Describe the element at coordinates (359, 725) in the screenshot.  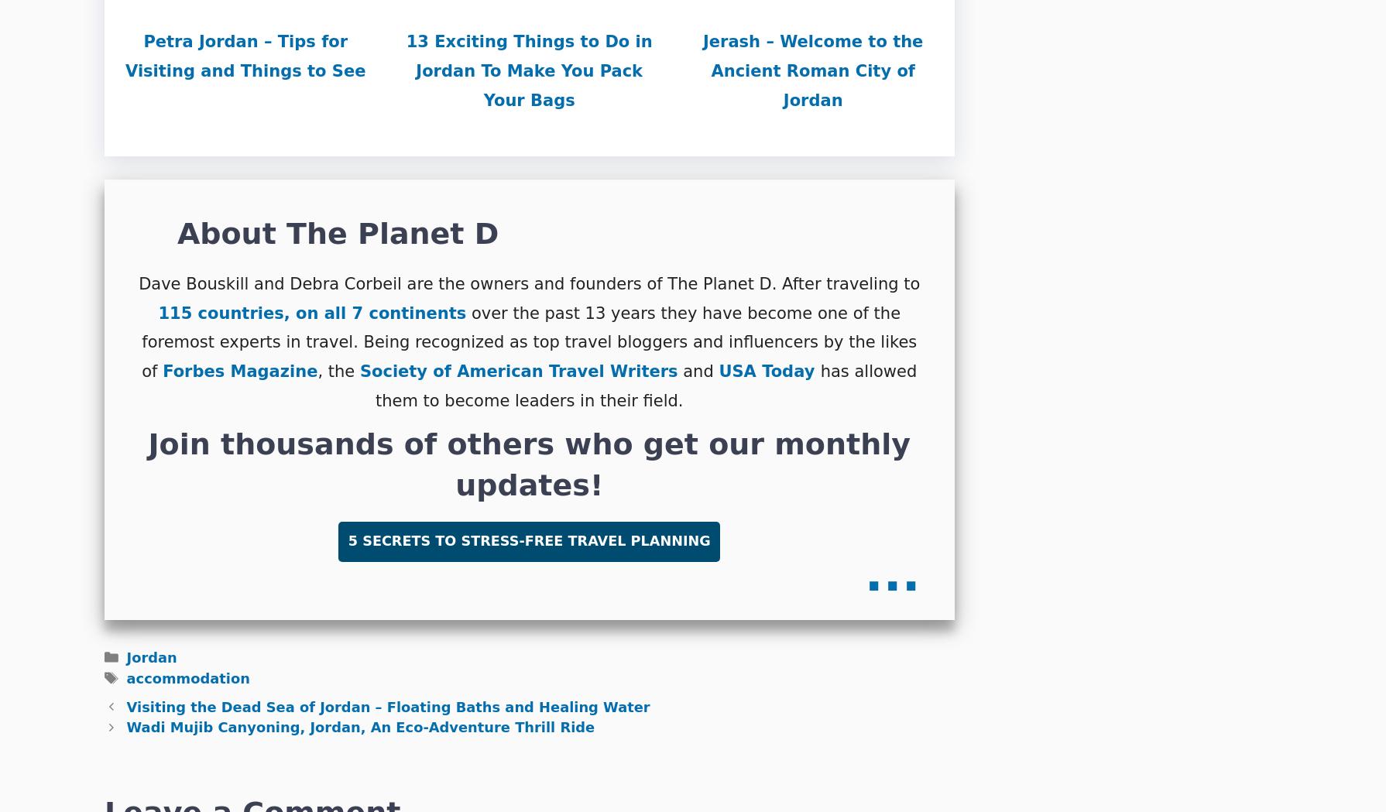
I see `'Wadi Mujib Canyoning, Jordan, An Eco-Adventure Thrill Ride'` at that location.